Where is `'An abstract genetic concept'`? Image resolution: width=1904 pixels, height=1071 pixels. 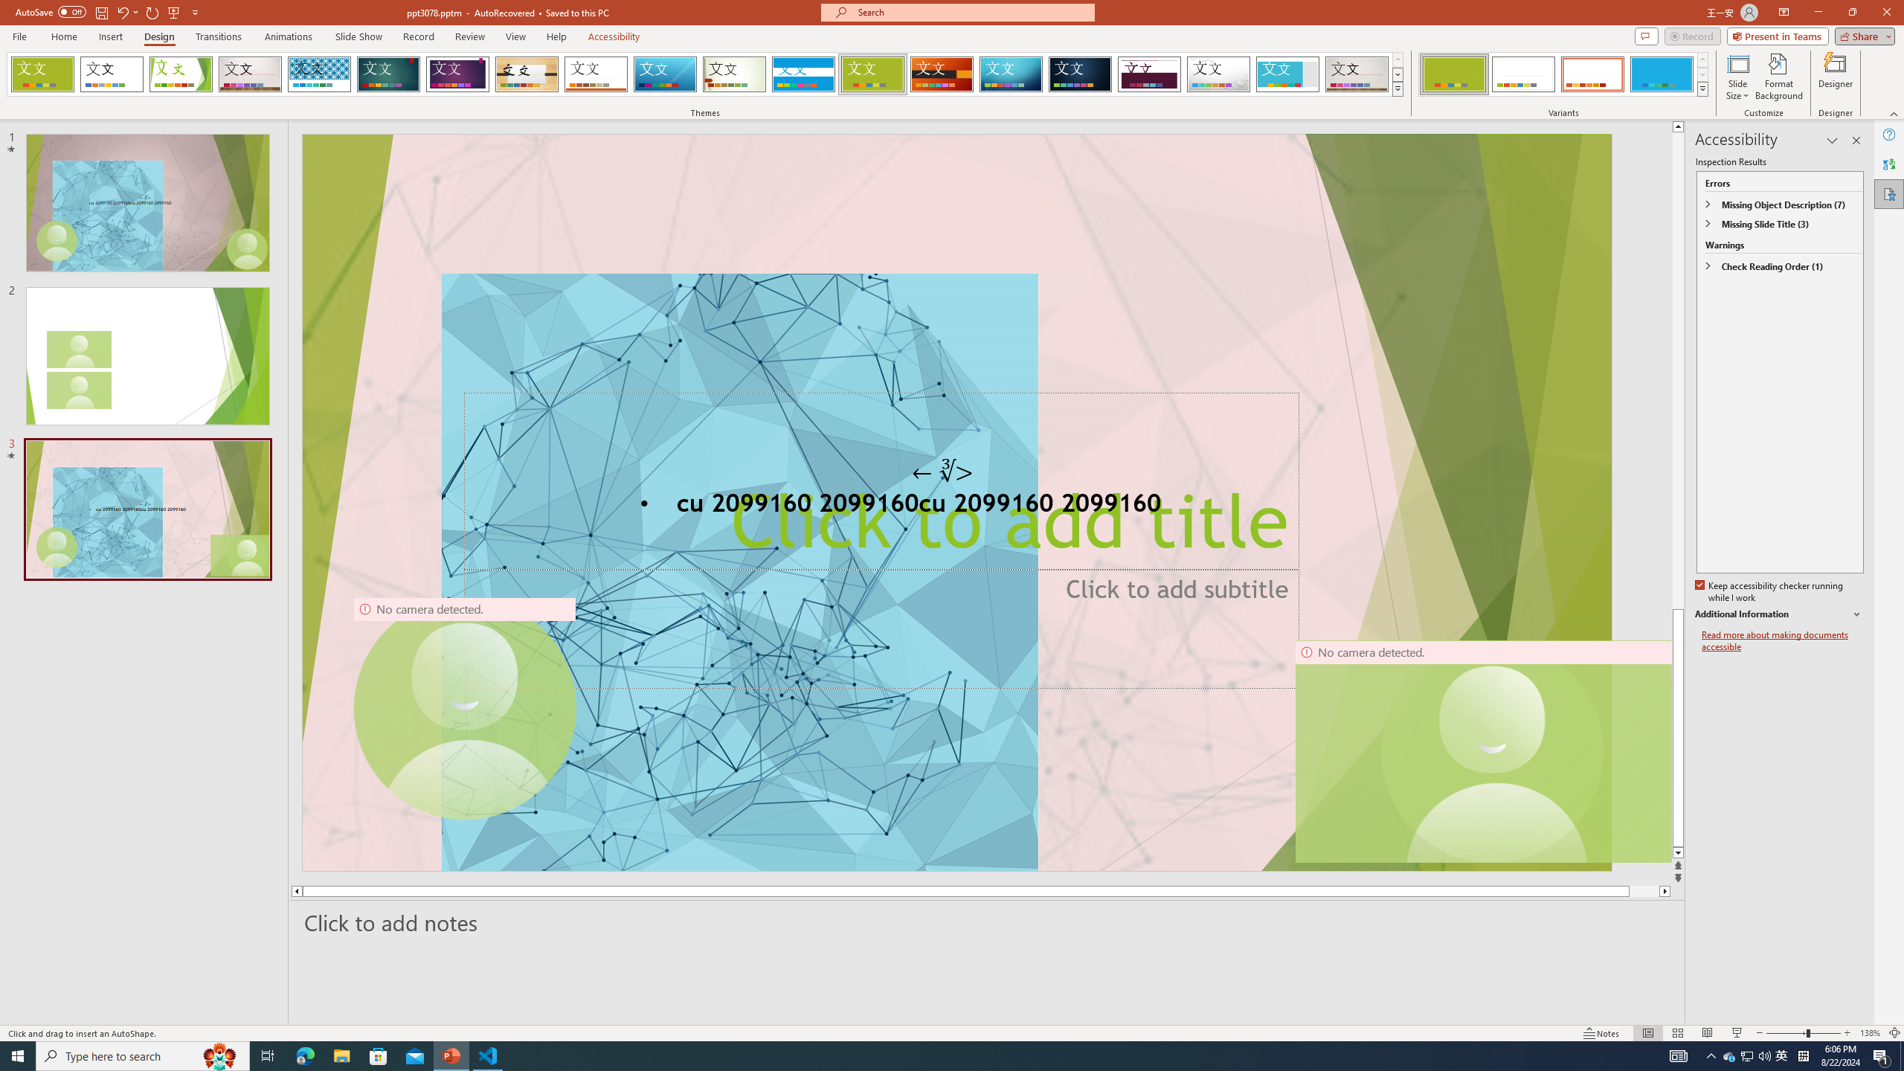 'An abstract genetic concept' is located at coordinates (956, 502).